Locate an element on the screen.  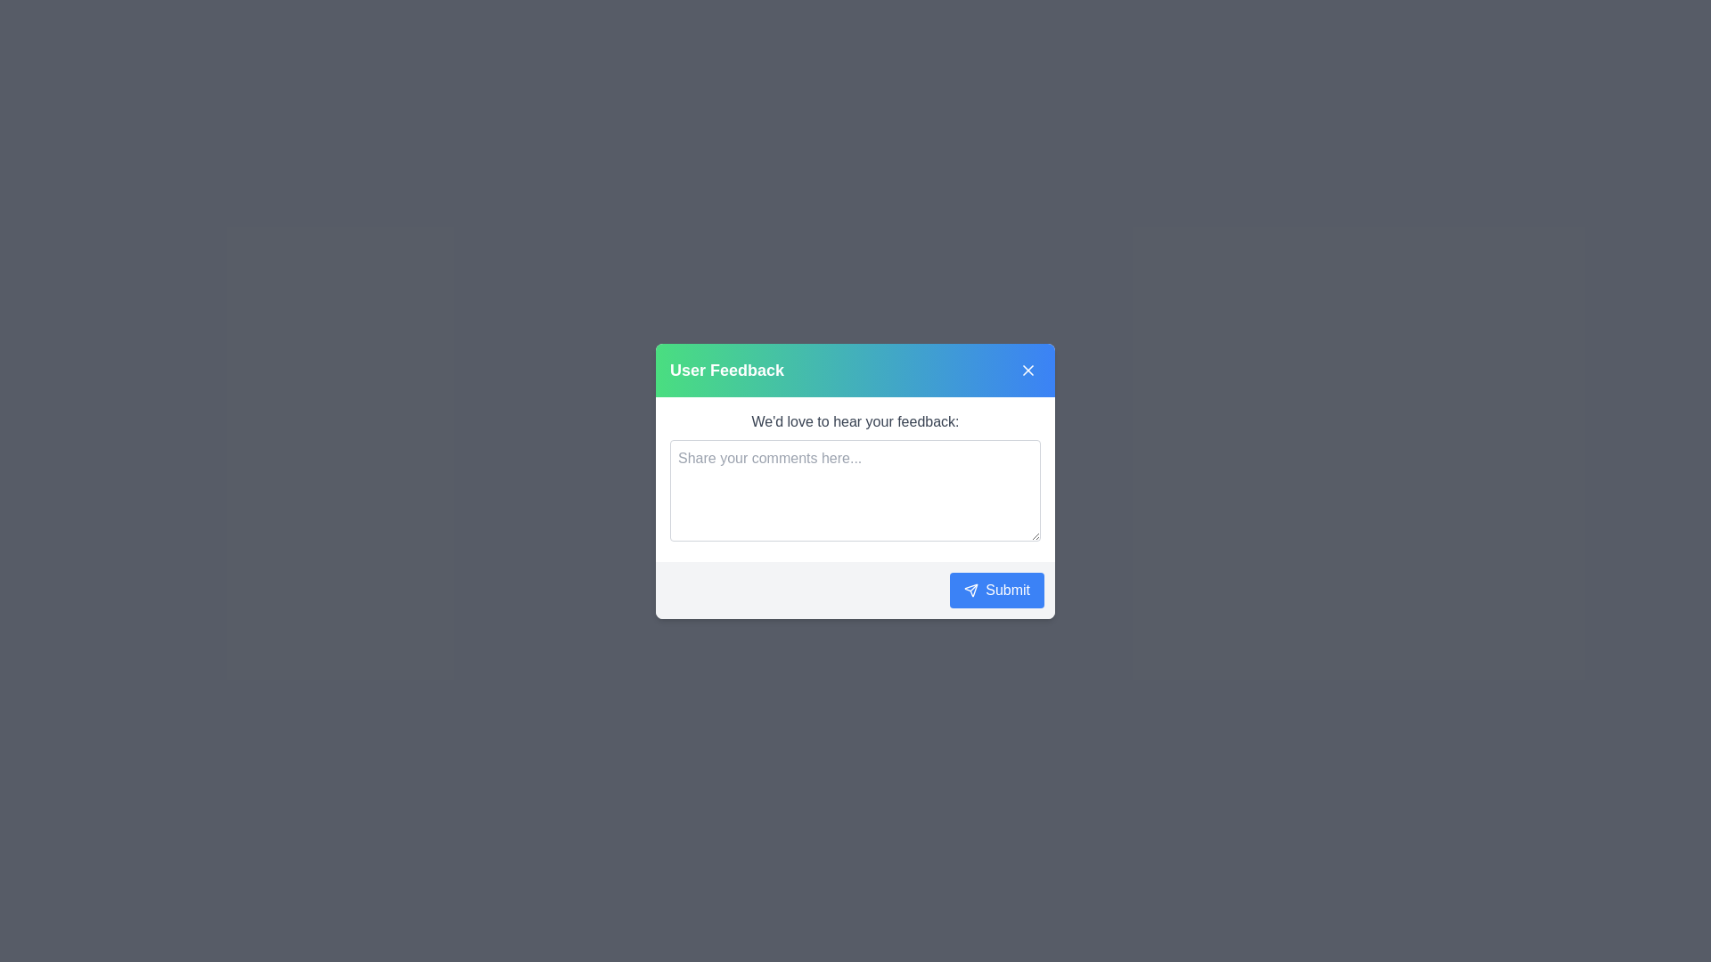
the 'close' or 'dismiss' button represented by an 'X' shape in the top-right corner of the 'User Feedback' modal window is located at coordinates (1027, 369).